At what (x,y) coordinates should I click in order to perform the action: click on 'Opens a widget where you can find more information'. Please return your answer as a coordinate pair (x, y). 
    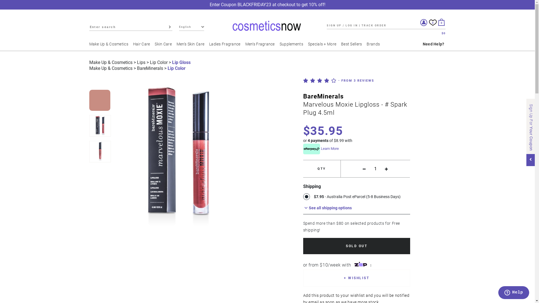
    Looking at the image, I should click on (513, 293).